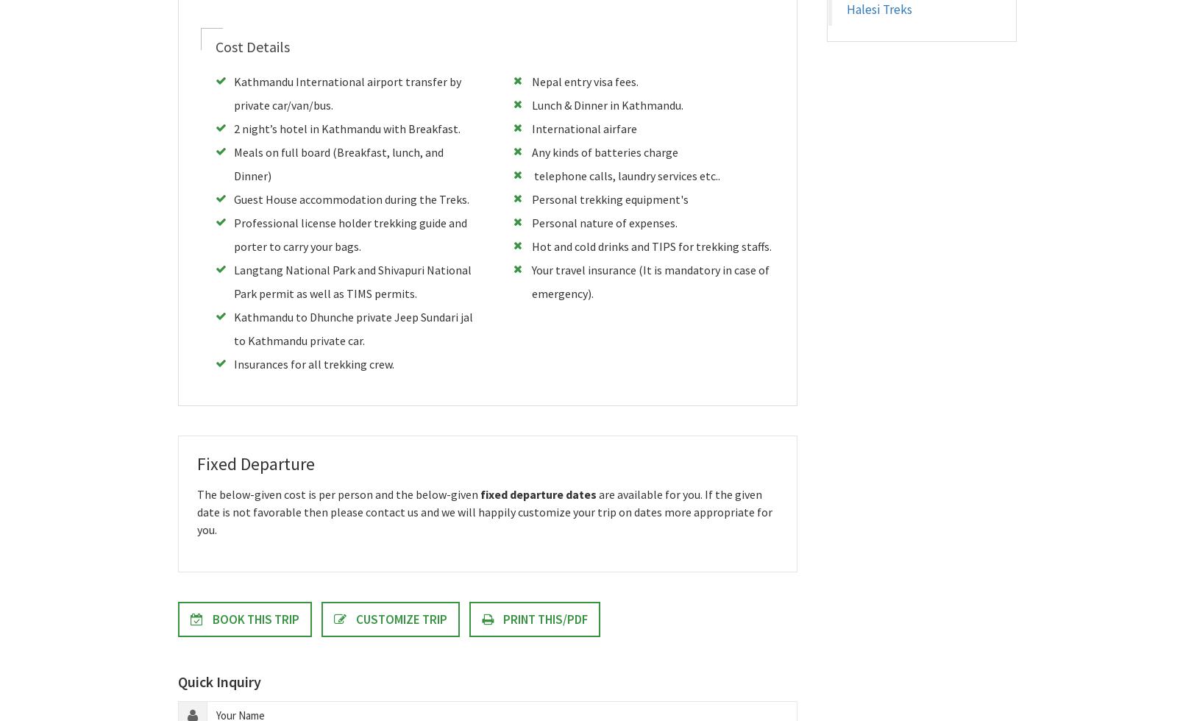 The width and height of the screenshot is (1194, 721). What do you see at coordinates (313, 363) in the screenshot?
I see `'Insurances for all trekking crew.'` at bounding box center [313, 363].